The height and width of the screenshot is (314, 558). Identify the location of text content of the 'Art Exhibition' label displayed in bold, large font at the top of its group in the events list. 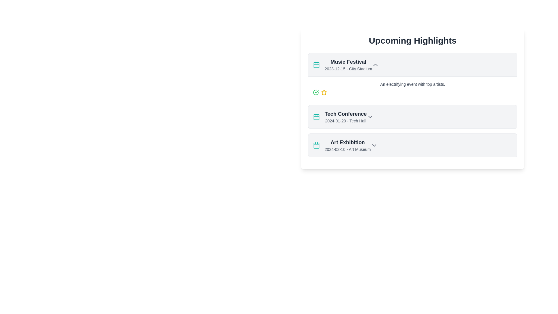
(348, 142).